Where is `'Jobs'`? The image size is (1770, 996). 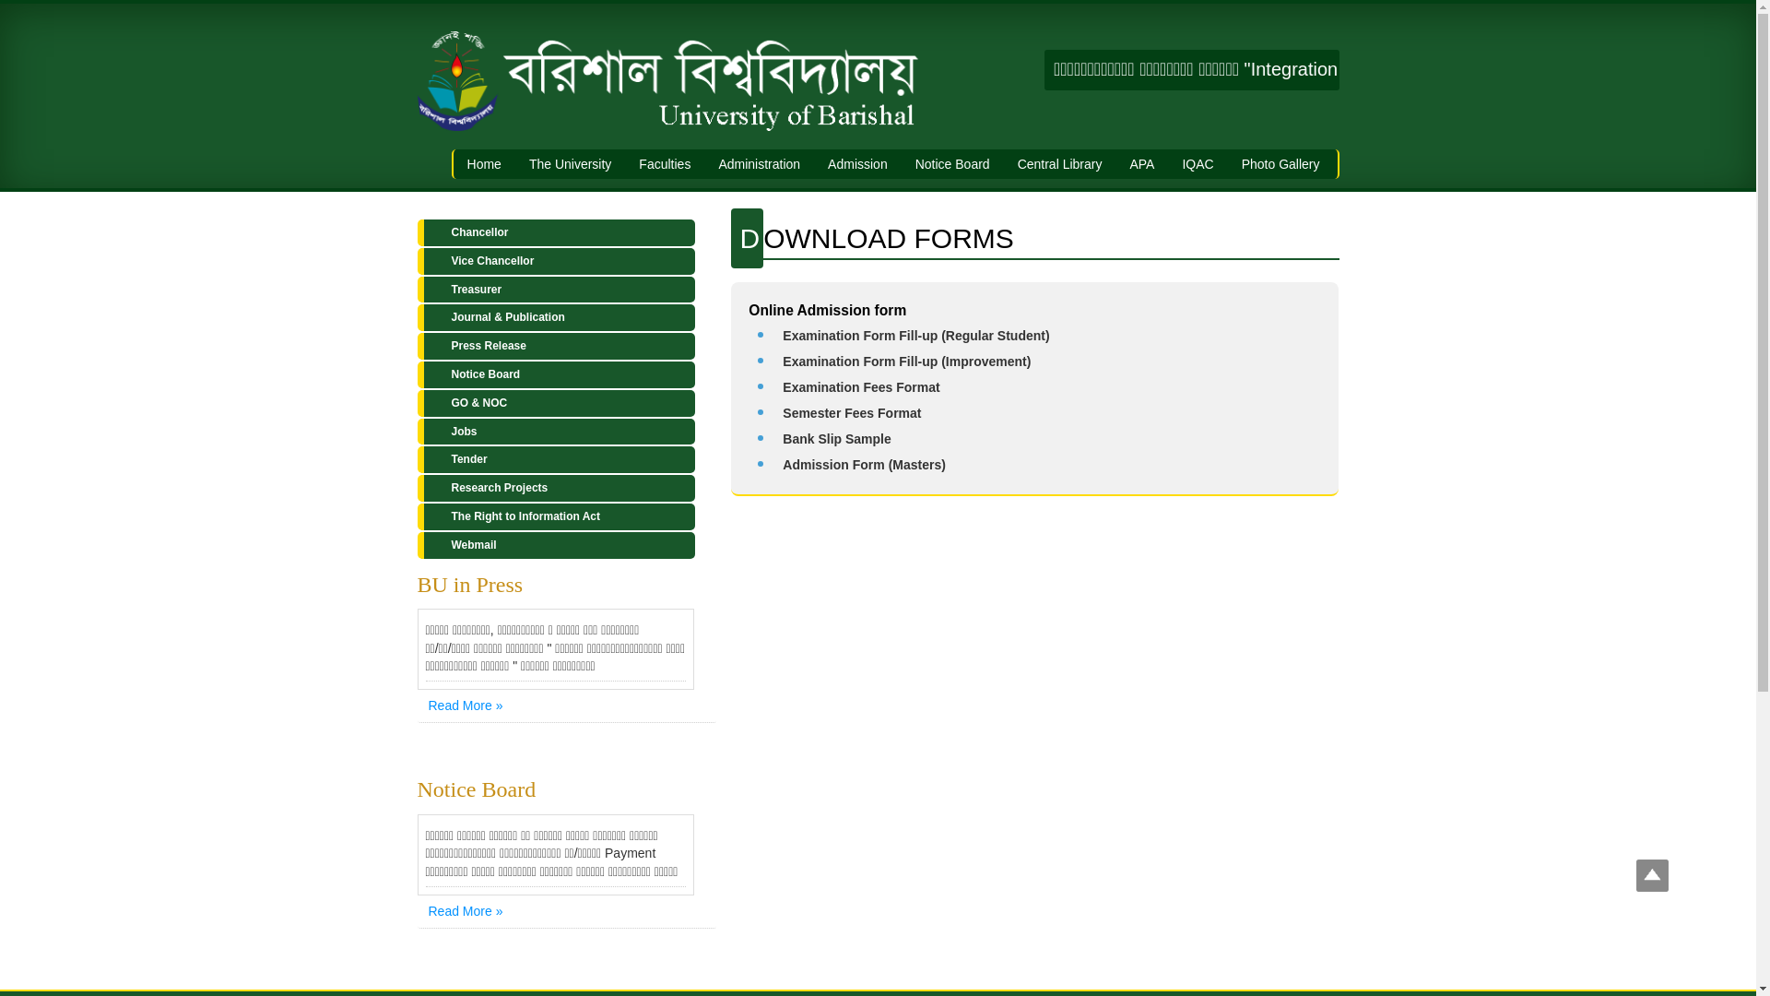 'Jobs' is located at coordinates (554, 432).